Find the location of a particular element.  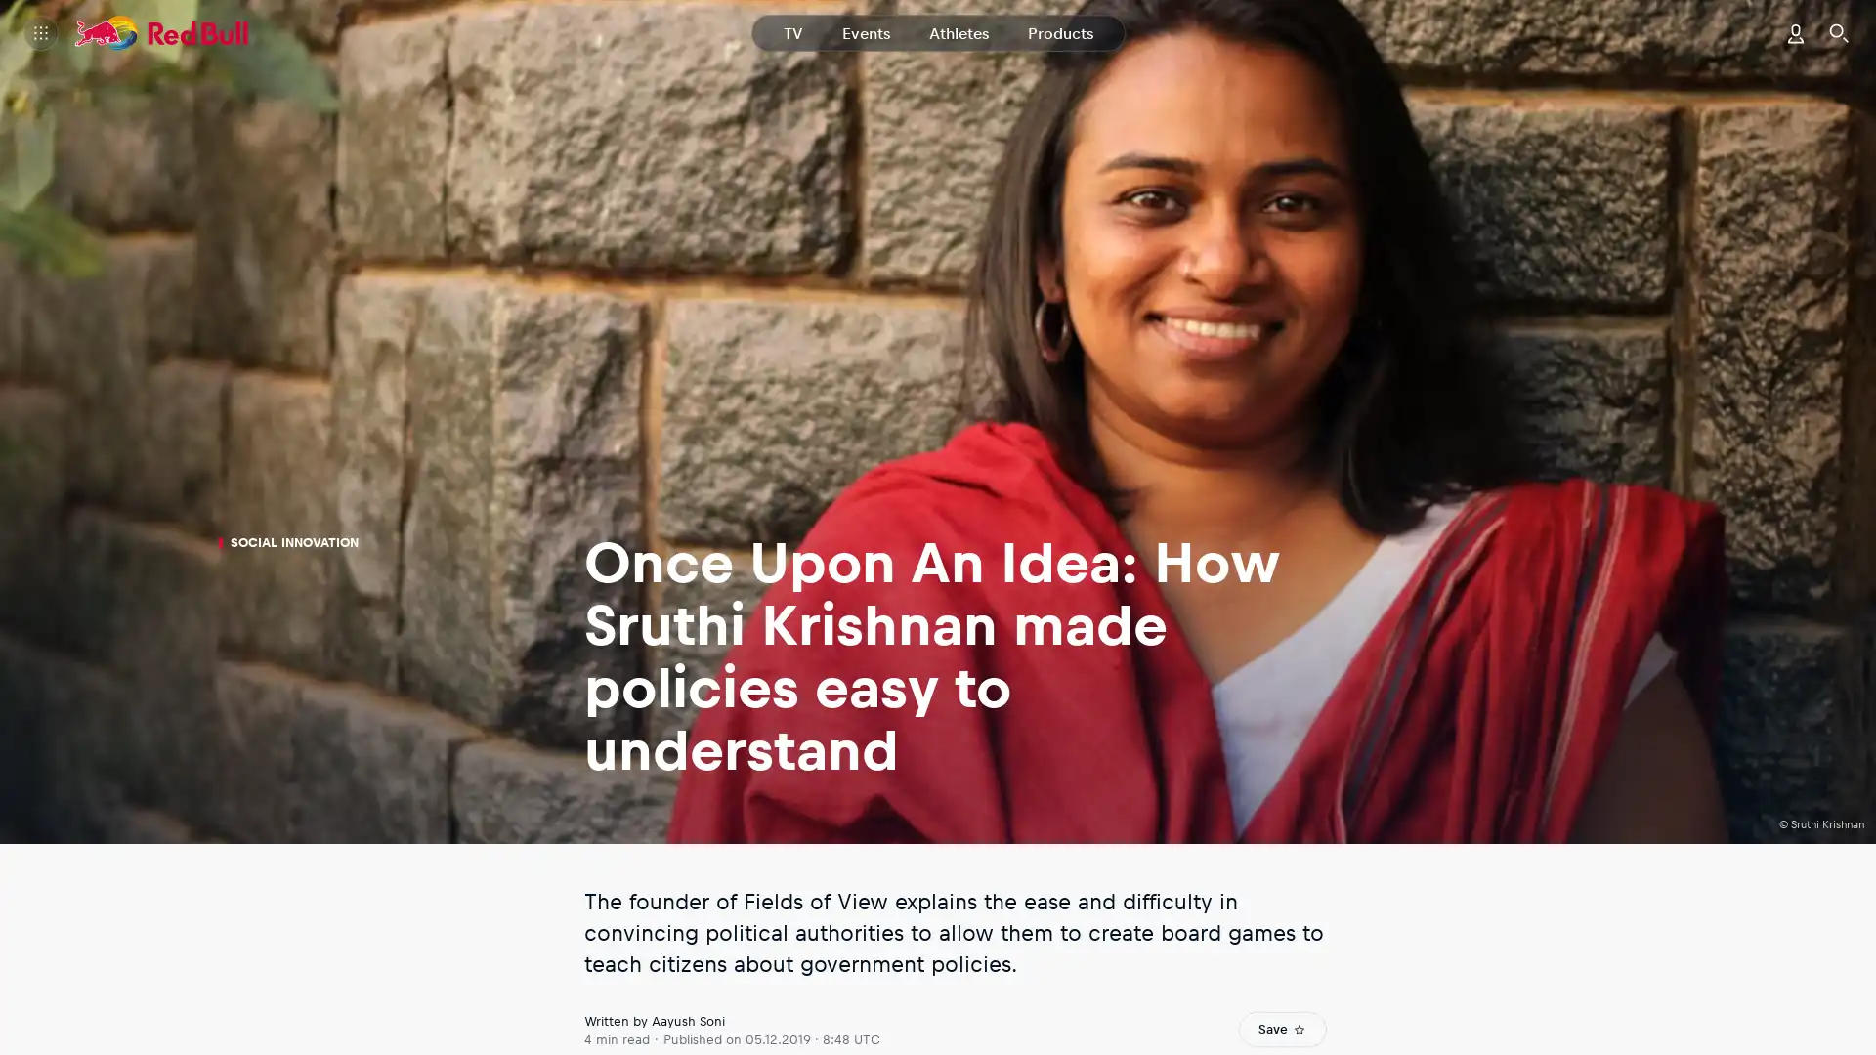

Reject All is located at coordinates (932, 326).